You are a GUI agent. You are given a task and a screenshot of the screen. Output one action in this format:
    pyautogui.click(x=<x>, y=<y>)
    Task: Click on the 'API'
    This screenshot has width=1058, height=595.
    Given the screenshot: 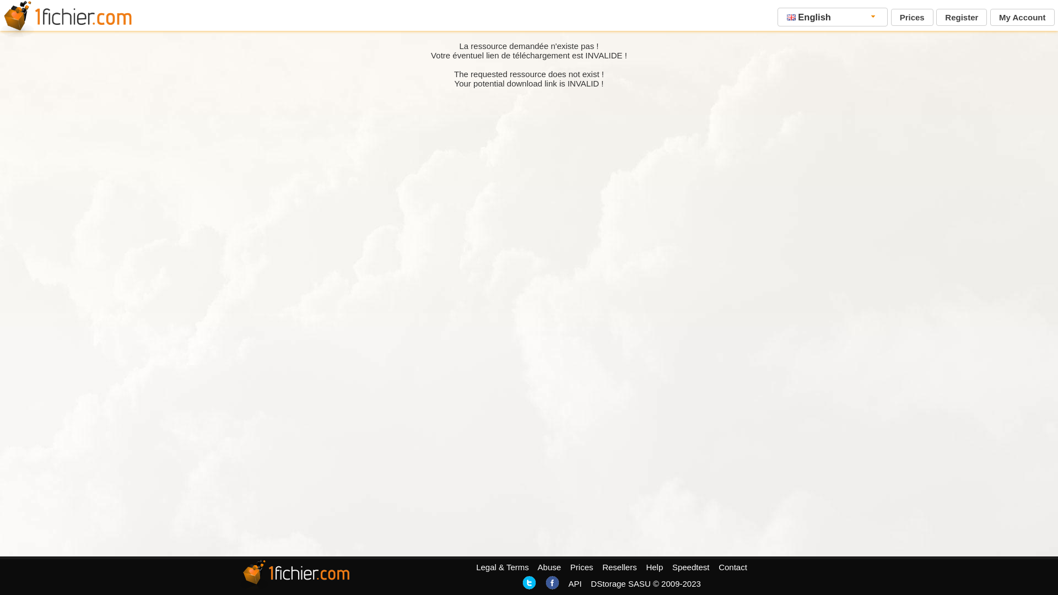 What is the action you would take?
    pyautogui.click(x=568, y=583)
    